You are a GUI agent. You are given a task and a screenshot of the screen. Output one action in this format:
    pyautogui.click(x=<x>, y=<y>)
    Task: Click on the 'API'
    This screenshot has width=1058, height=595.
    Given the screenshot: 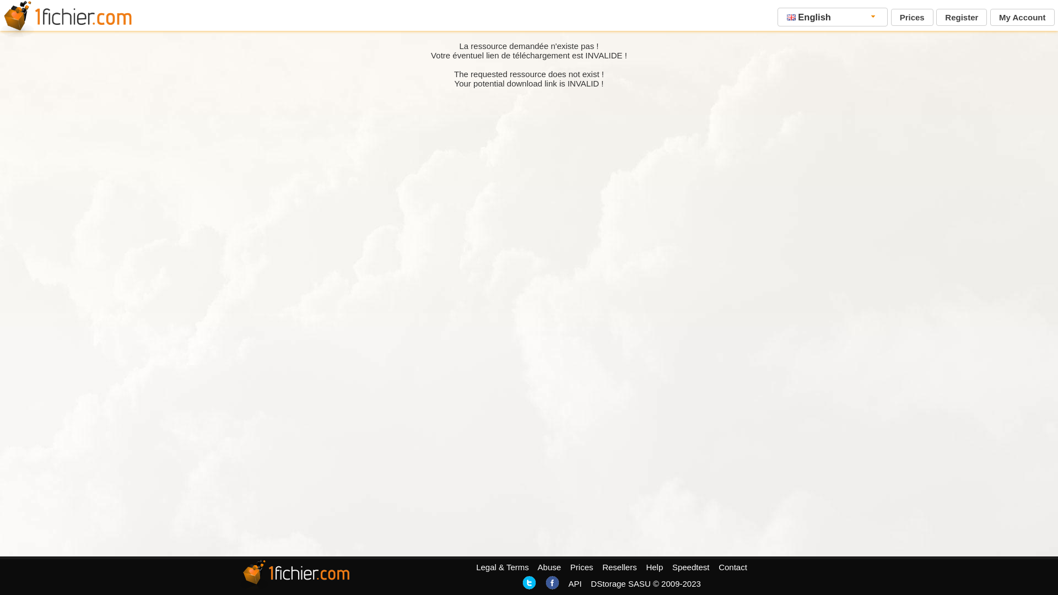 What is the action you would take?
    pyautogui.click(x=568, y=583)
    